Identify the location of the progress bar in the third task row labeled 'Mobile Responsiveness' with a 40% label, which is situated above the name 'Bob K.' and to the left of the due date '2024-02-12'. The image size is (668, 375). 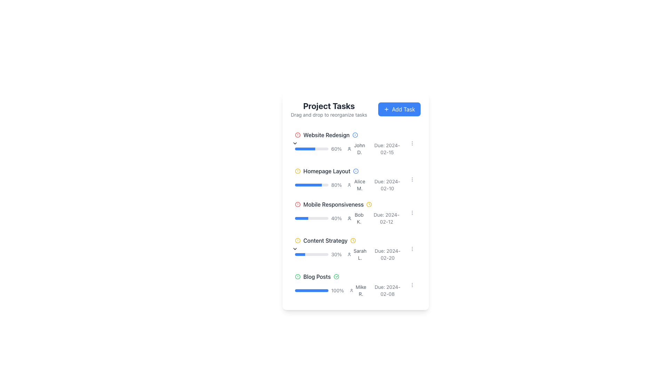
(318, 218).